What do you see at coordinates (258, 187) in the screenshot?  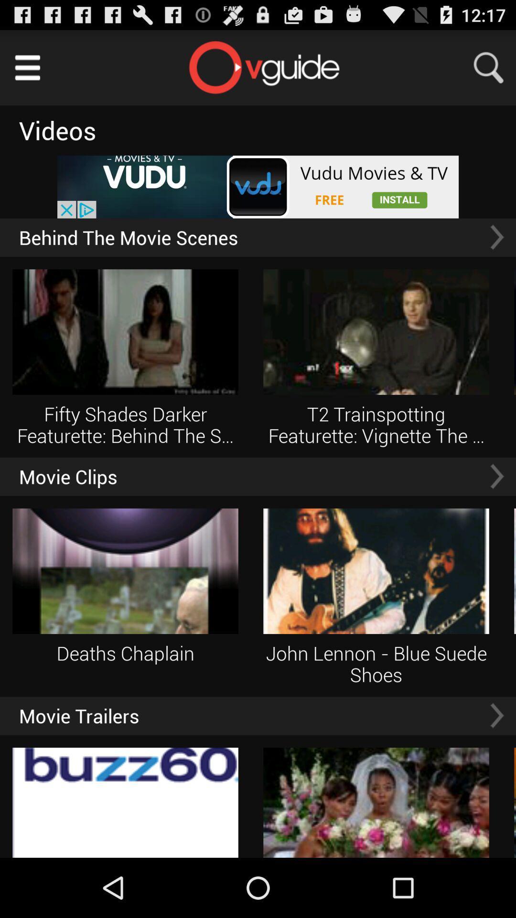 I see `advertisement` at bounding box center [258, 187].